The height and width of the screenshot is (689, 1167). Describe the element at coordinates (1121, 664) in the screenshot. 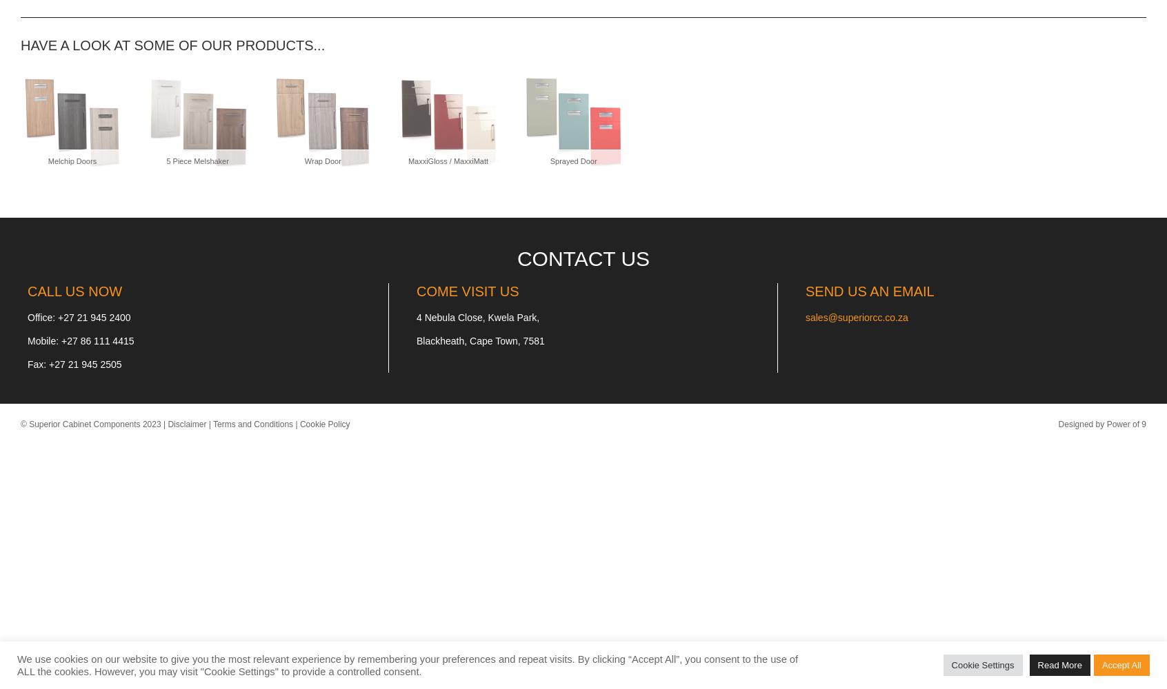

I see `'Accept All'` at that location.